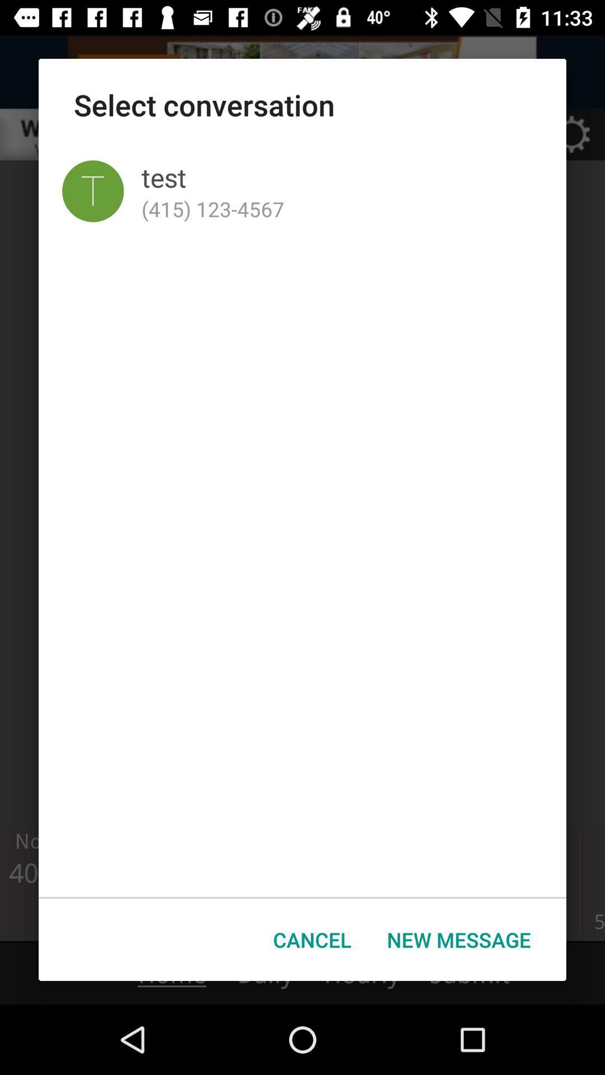  What do you see at coordinates (312, 940) in the screenshot?
I see `cancel item` at bounding box center [312, 940].